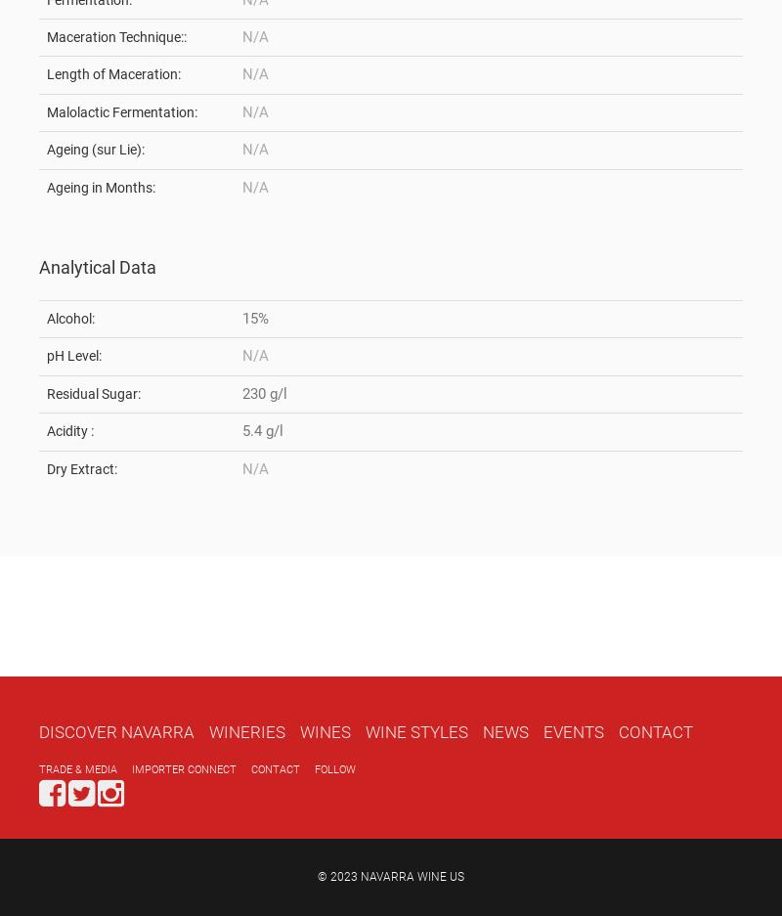 Image resolution: width=782 pixels, height=916 pixels. What do you see at coordinates (94, 392) in the screenshot?
I see `'Residual Sugar:'` at bounding box center [94, 392].